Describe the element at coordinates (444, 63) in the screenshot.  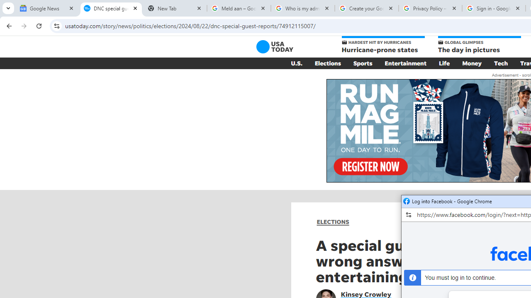
I see `'Life'` at that location.